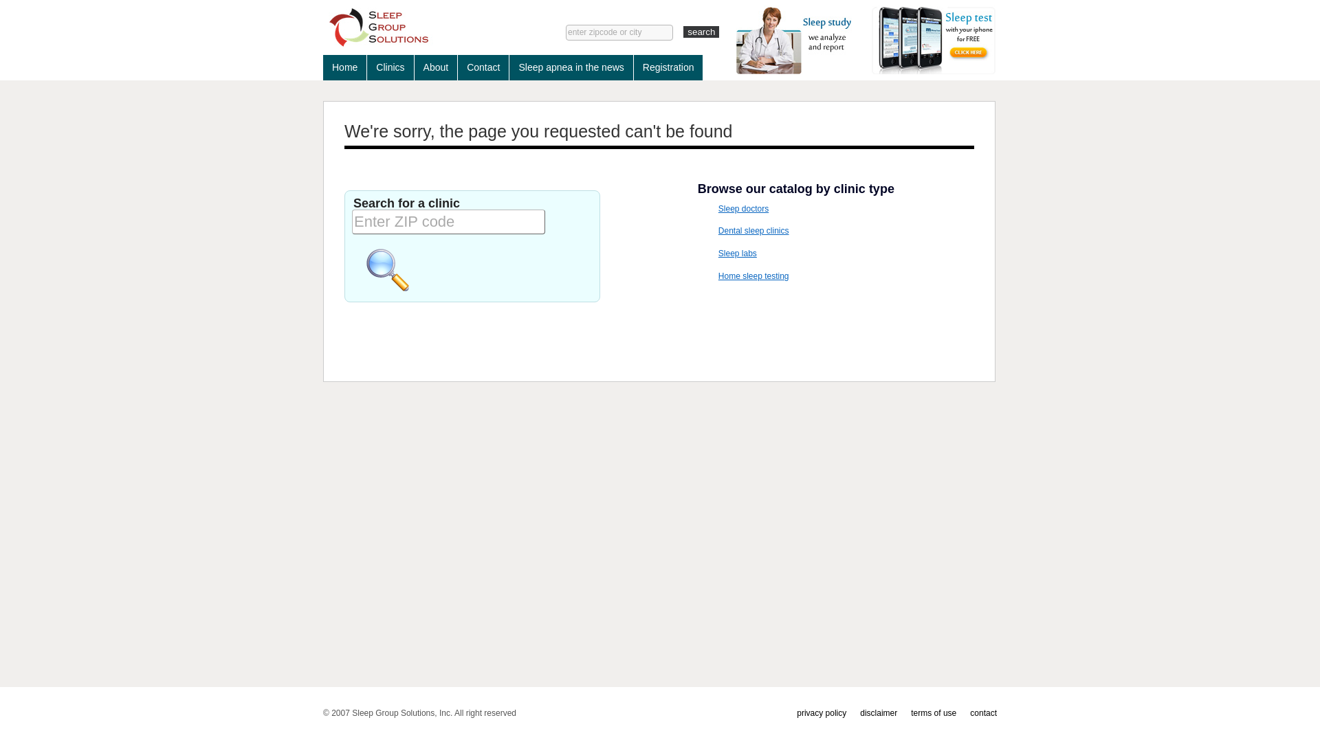 The width and height of the screenshot is (1320, 742). Describe the element at coordinates (982, 712) in the screenshot. I see `'contact'` at that location.